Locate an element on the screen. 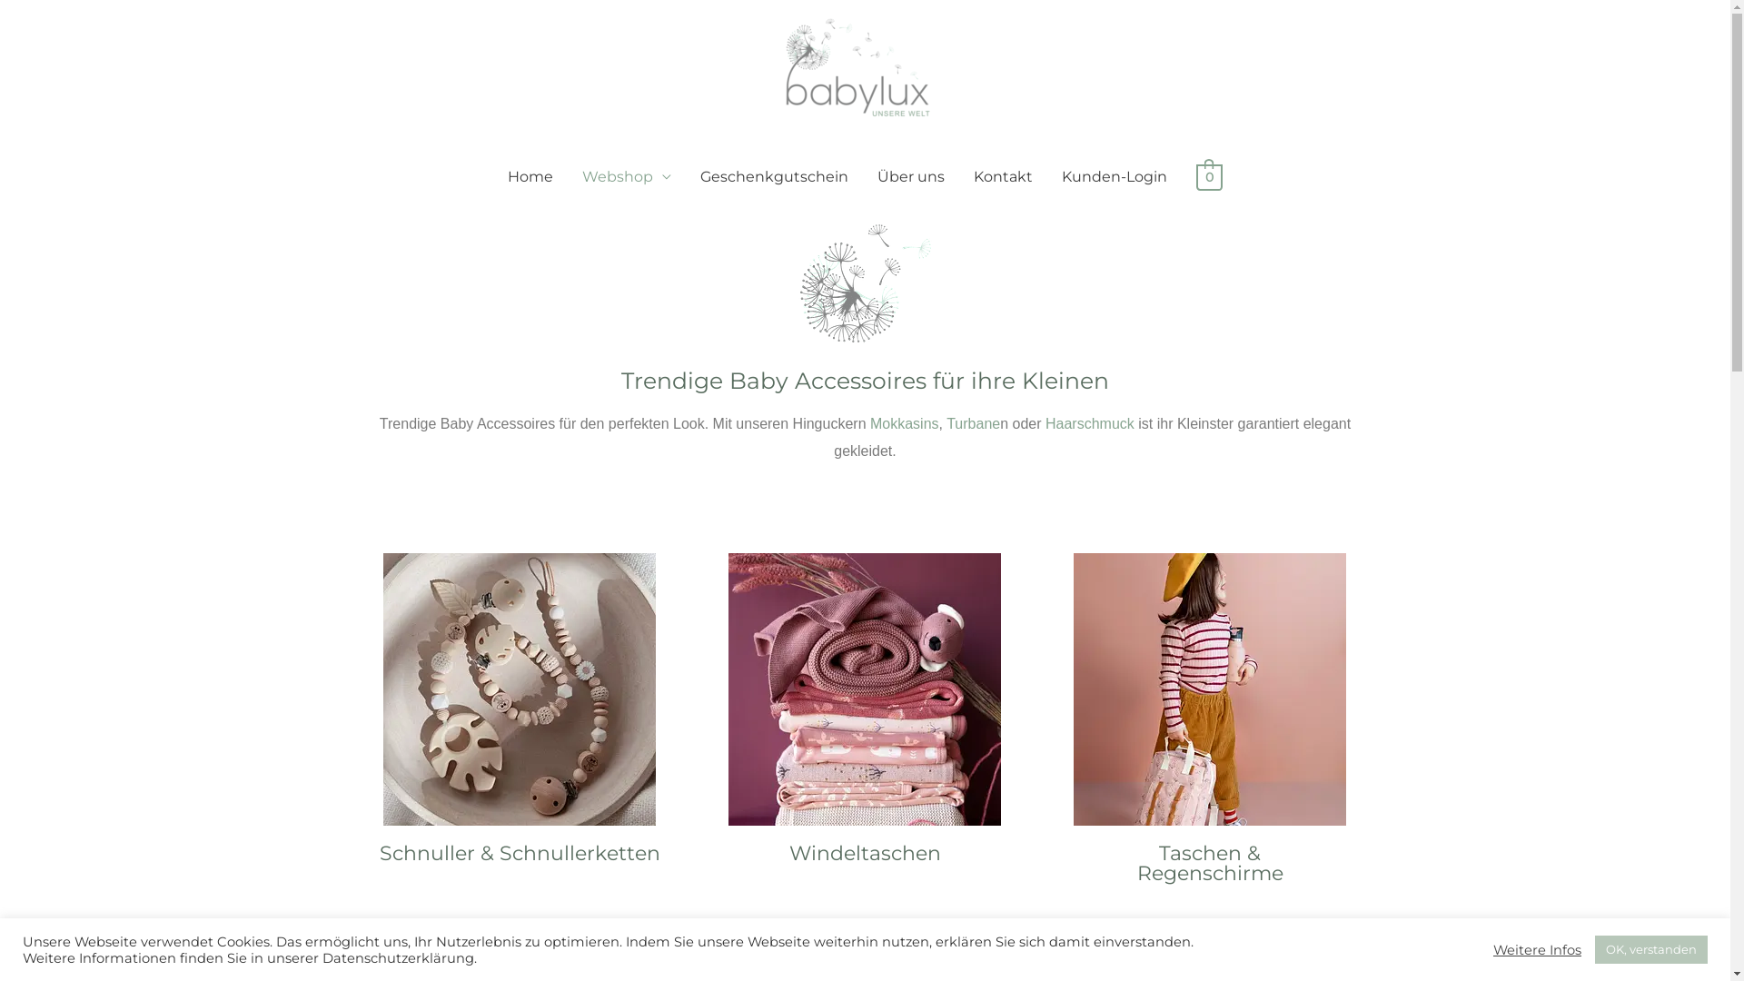 The image size is (1744, 981). 'Turbane' is located at coordinates (972, 423).